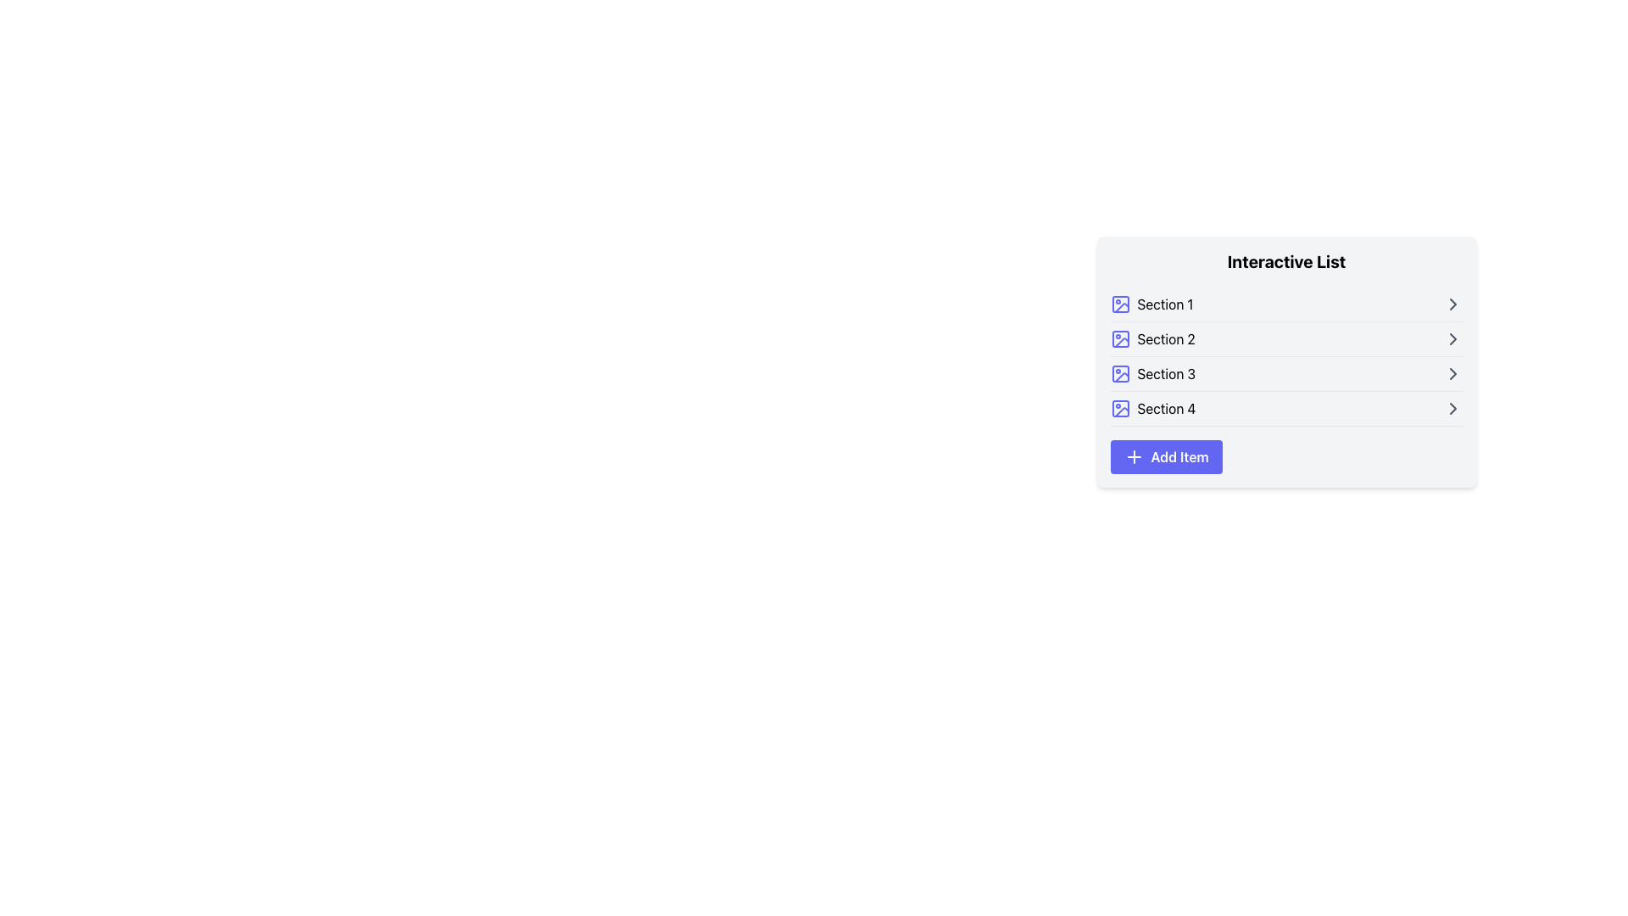 The width and height of the screenshot is (1628, 916). What do you see at coordinates (1452, 409) in the screenshot?
I see `the navigational icon located under 'Section 4' on the right side of the layout` at bounding box center [1452, 409].